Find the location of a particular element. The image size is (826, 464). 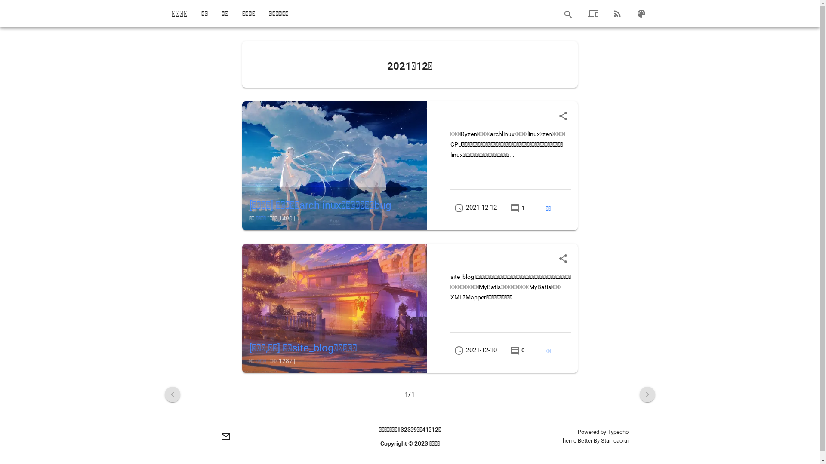

'comment 0' is located at coordinates (516, 351).